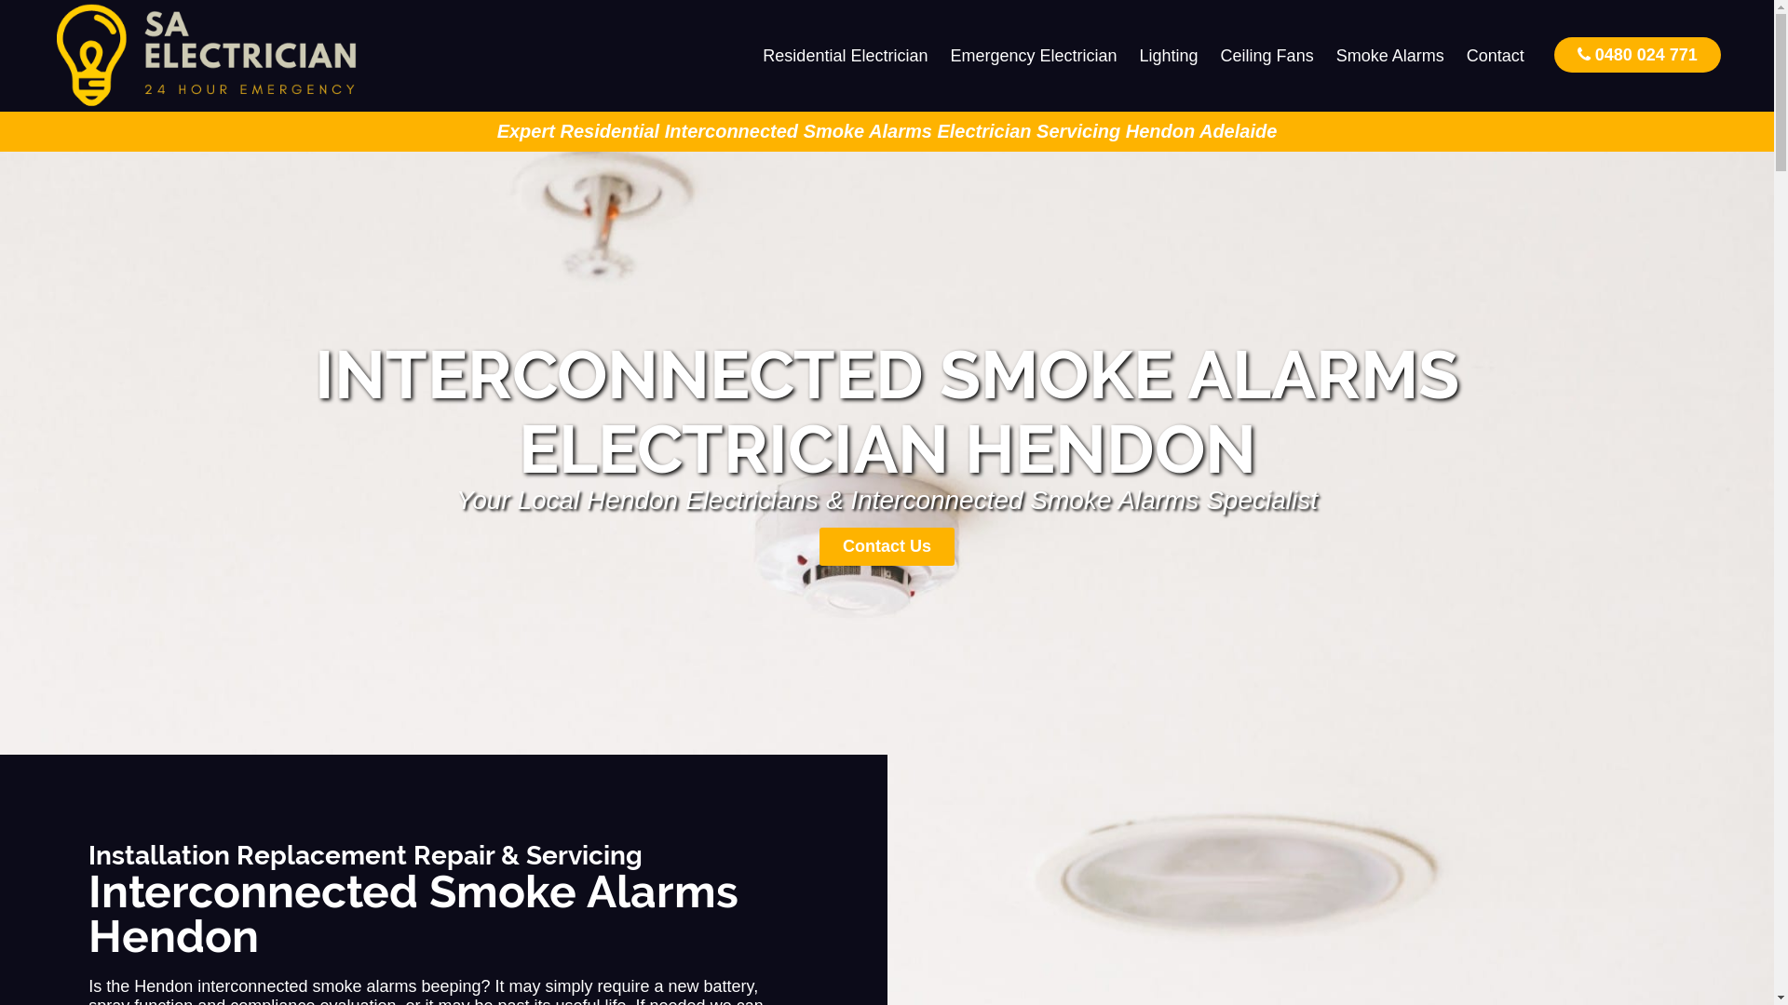 The height and width of the screenshot is (1005, 1788). Describe the element at coordinates (844, 55) in the screenshot. I see `'Residential Electrician'` at that location.